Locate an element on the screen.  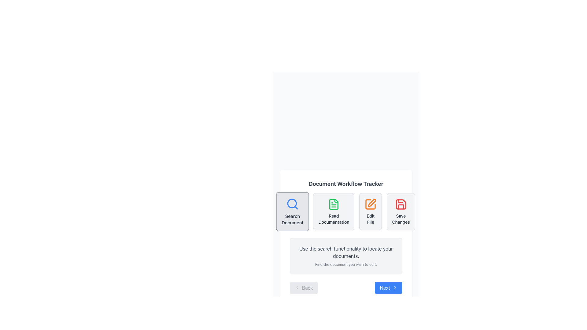
the functionality of the 'Edit File' text label, which is a medium-sized gray text label organized into two lines, positioned below a pen icon is located at coordinates (370, 219).